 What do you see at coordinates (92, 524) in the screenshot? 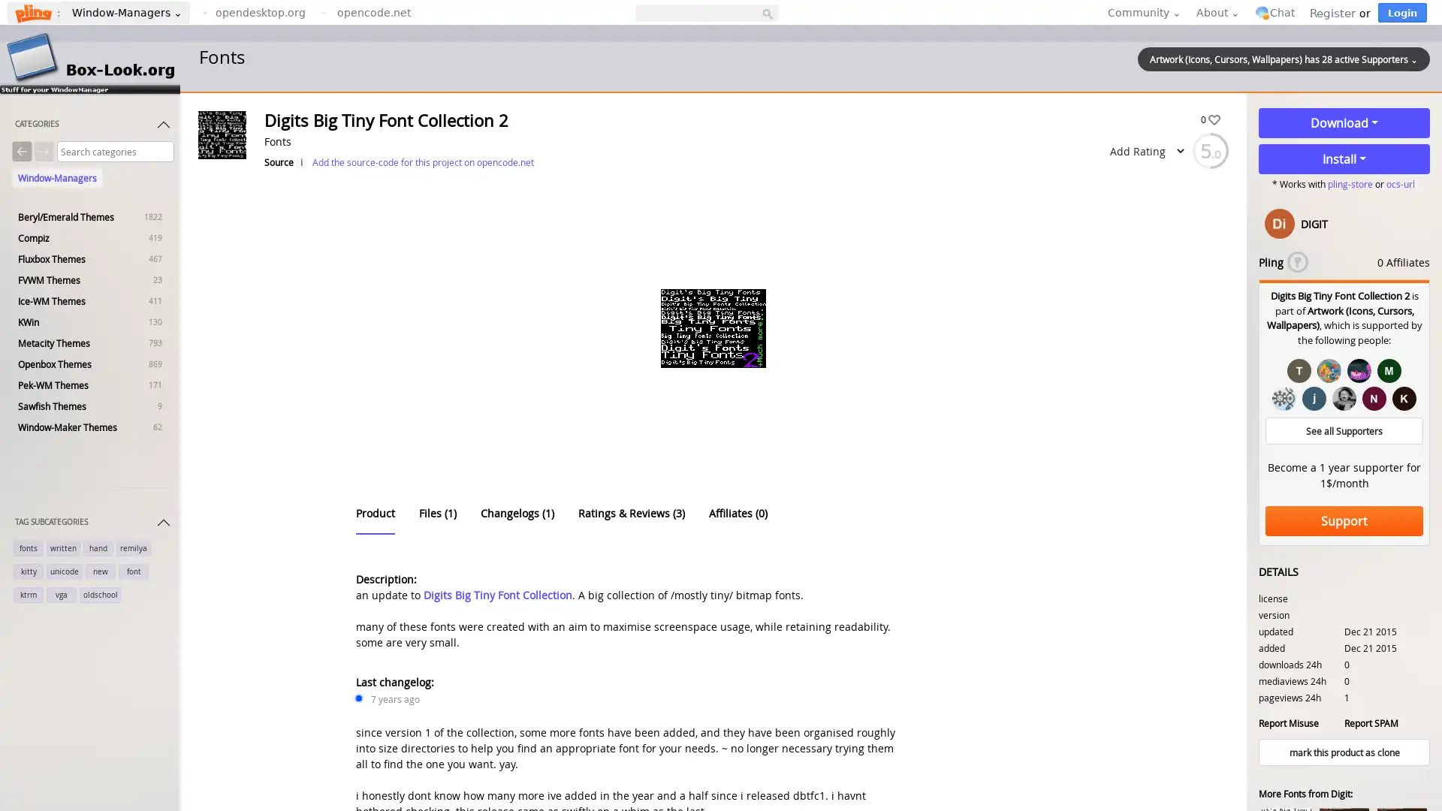
I see `TAG SUBCATEGORIES` at bounding box center [92, 524].